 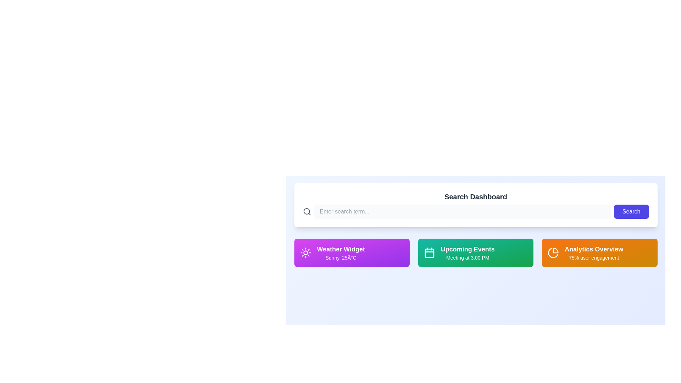 What do you see at coordinates (307, 211) in the screenshot?
I see `the modern magnifying glass icon located on the left side inside the search bar section in the middle of the page` at bounding box center [307, 211].